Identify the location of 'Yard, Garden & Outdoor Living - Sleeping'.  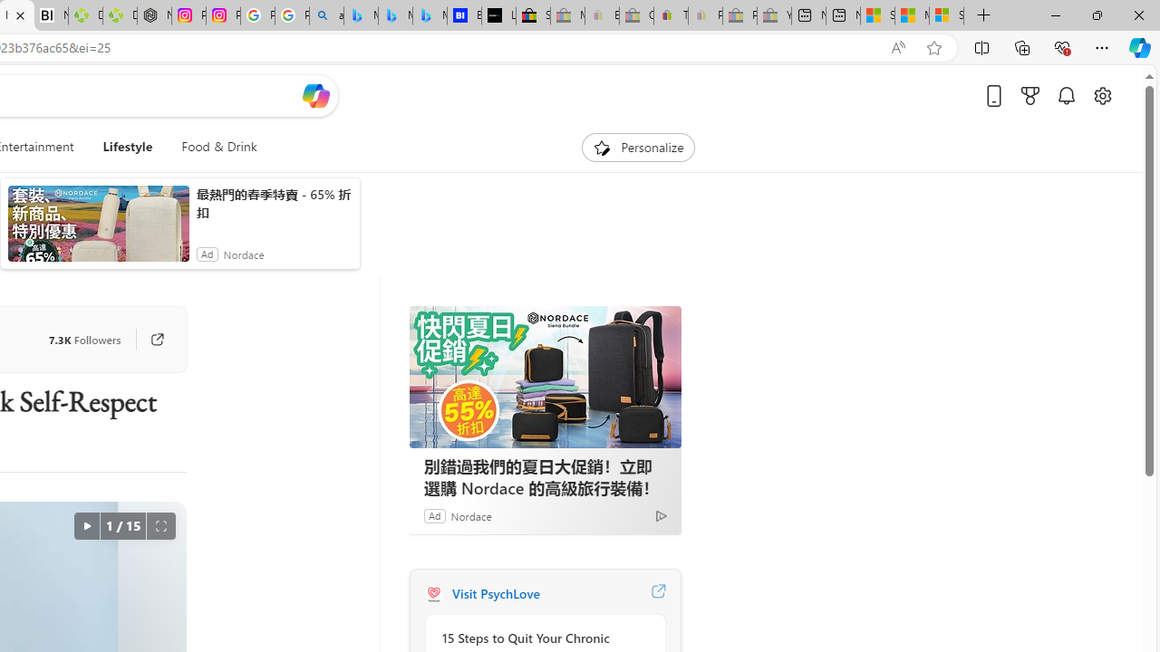
(774, 15).